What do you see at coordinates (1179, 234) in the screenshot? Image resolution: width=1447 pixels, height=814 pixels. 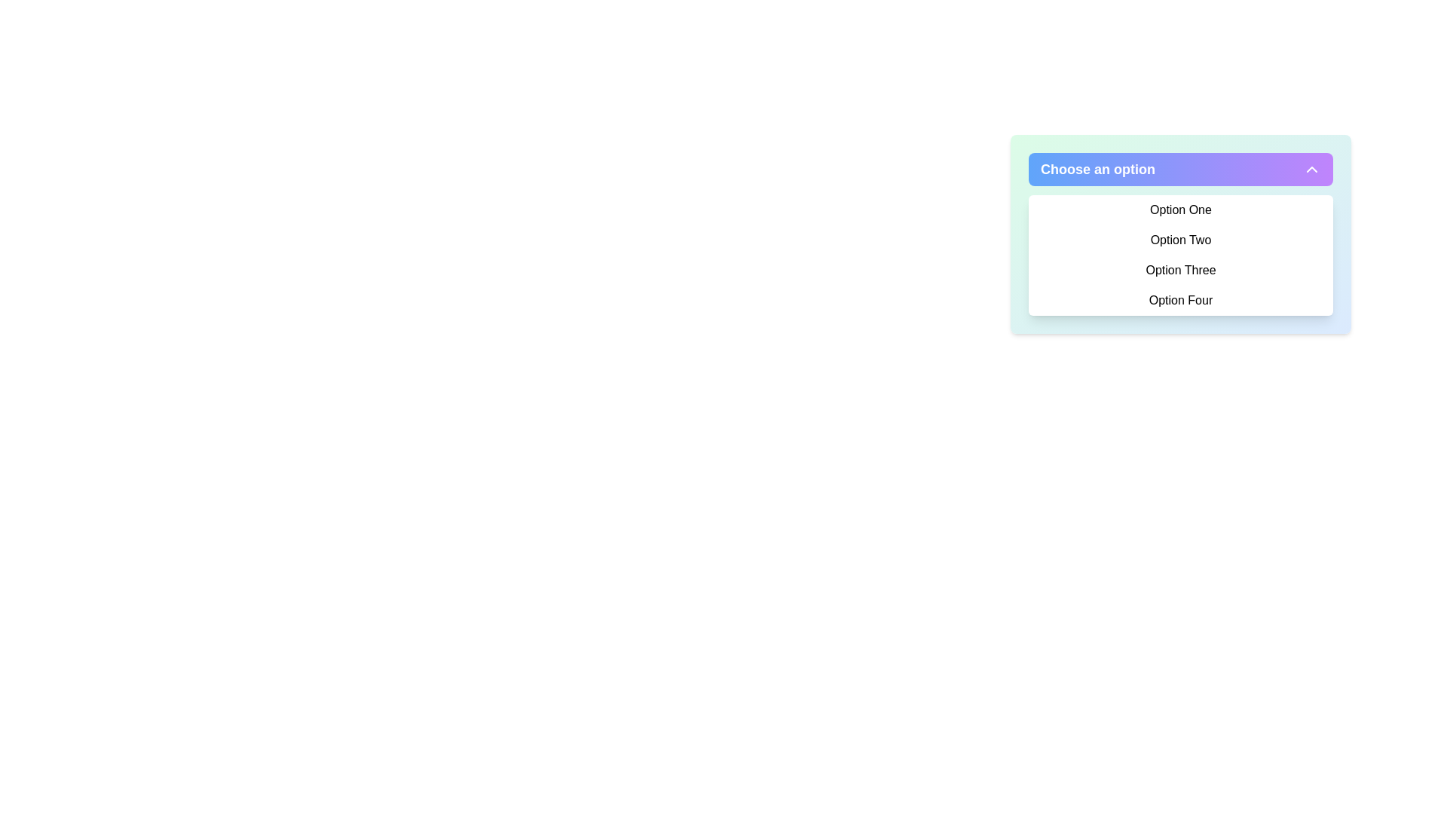 I see `the Dropdown menu located under the 'Choose an option' button` at bounding box center [1179, 234].